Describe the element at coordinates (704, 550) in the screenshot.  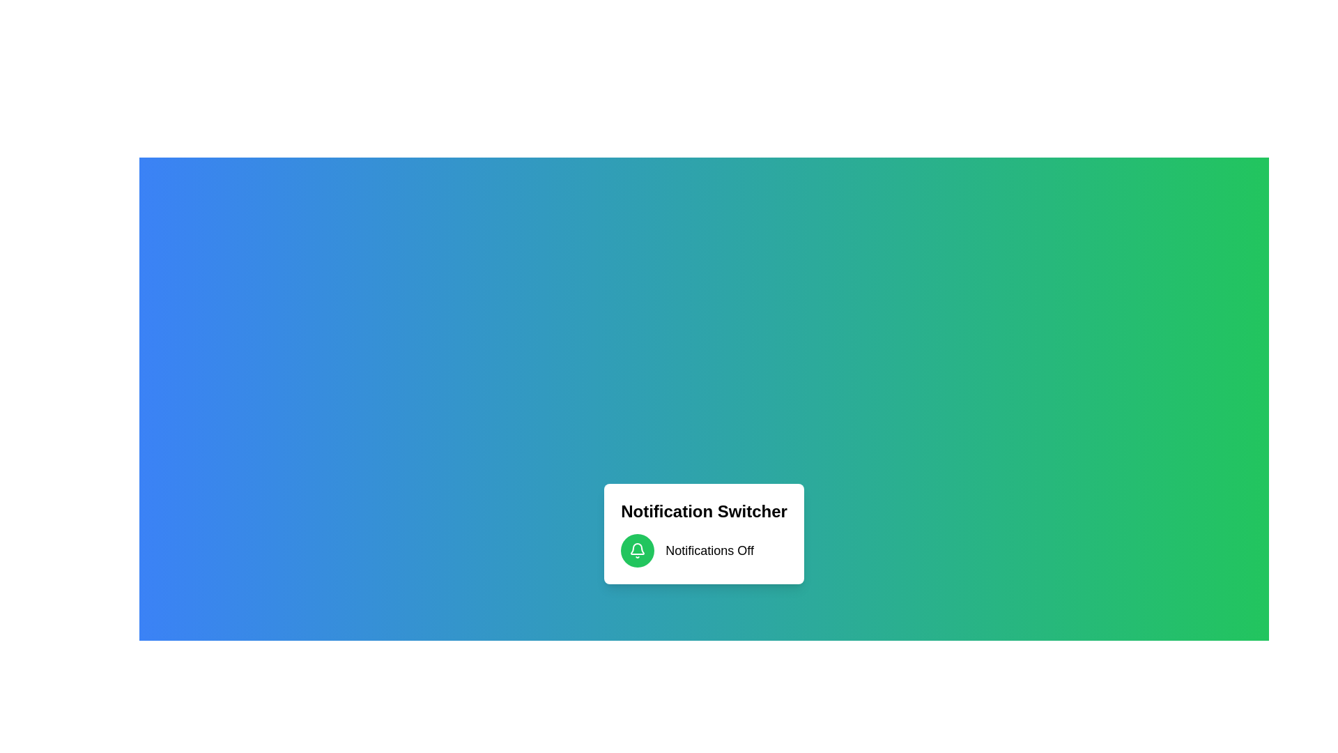
I see `the Descriptive indicator for notification status located below the 'Notification Switcher' heading` at that location.